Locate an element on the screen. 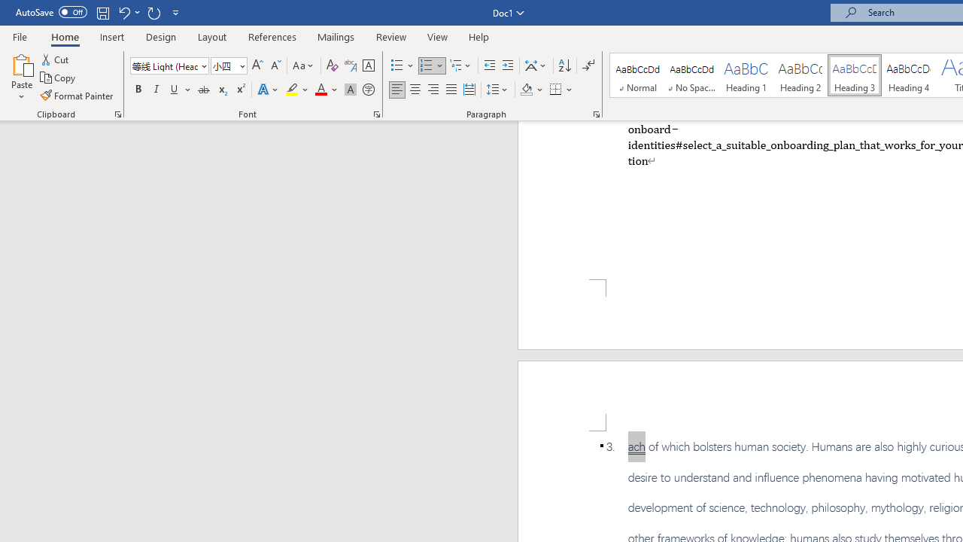 Image resolution: width=963 pixels, height=542 pixels. 'Heading 2' is located at coordinates (799, 75).